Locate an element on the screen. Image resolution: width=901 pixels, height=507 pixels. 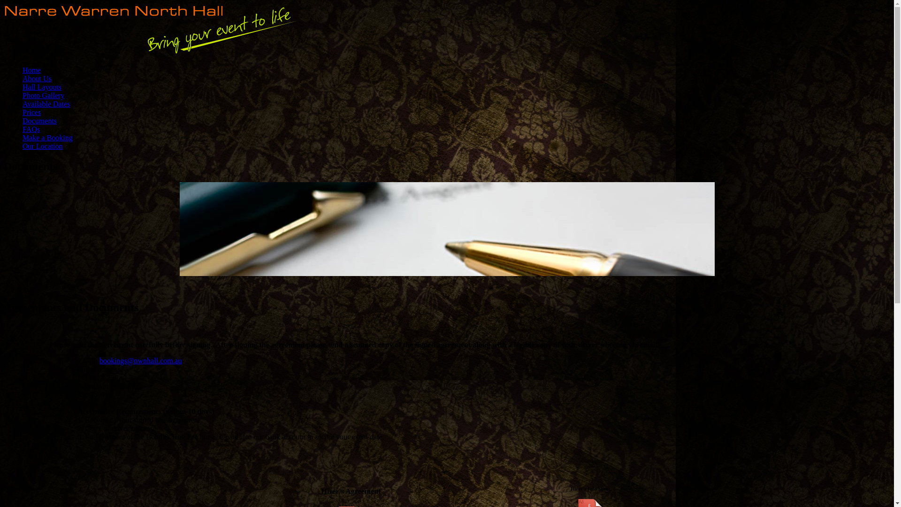
'Documents' is located at coordinates (39, 120).